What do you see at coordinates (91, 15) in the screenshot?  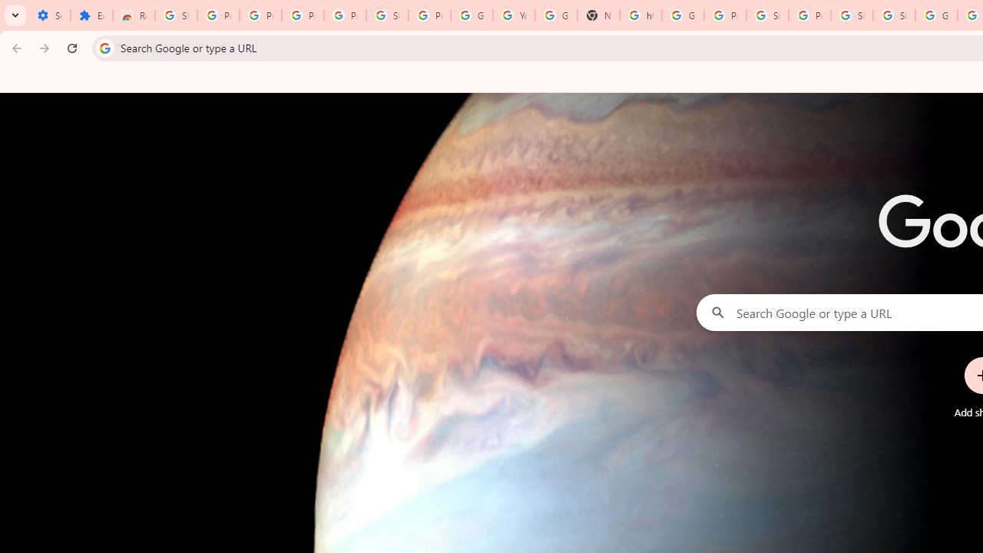 I see `'Extensions'` at bounding box center [91, 15].